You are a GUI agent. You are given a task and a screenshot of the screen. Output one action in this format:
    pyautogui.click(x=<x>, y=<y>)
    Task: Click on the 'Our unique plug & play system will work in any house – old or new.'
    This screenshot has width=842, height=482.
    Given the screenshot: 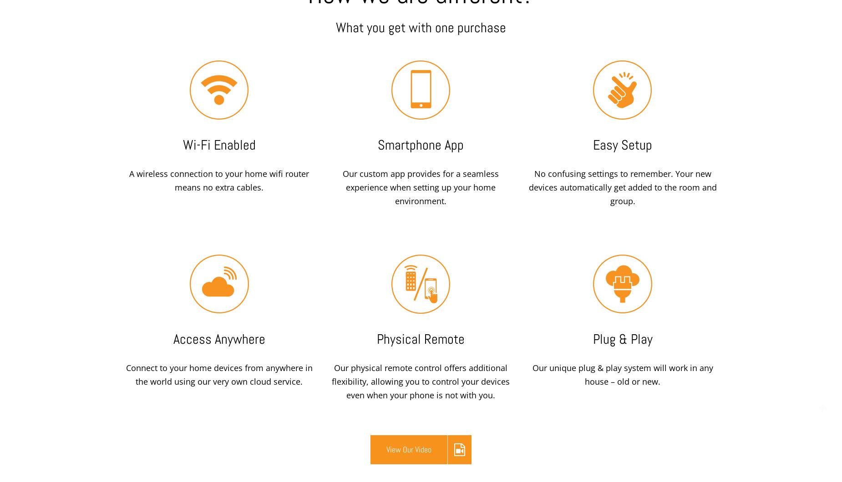 What is the action you would take?
    pyautogui.click(x=622, y=375)
    